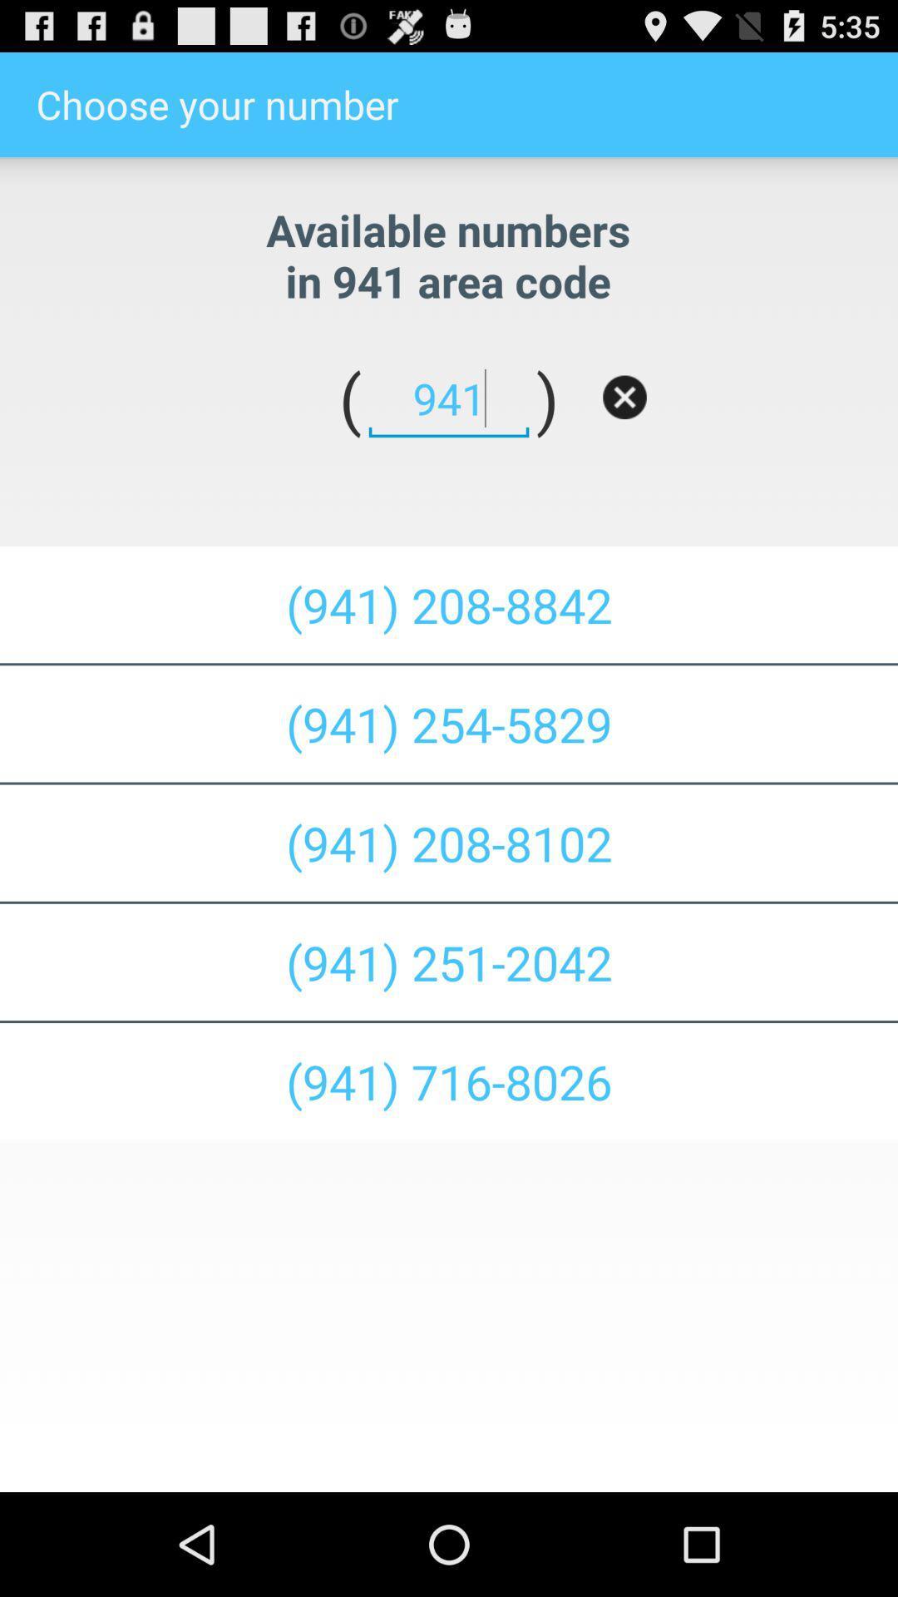  What do you see at coordinates (624, 396) in the screenshot?
I see `entry` at bounding box center [624, 396].